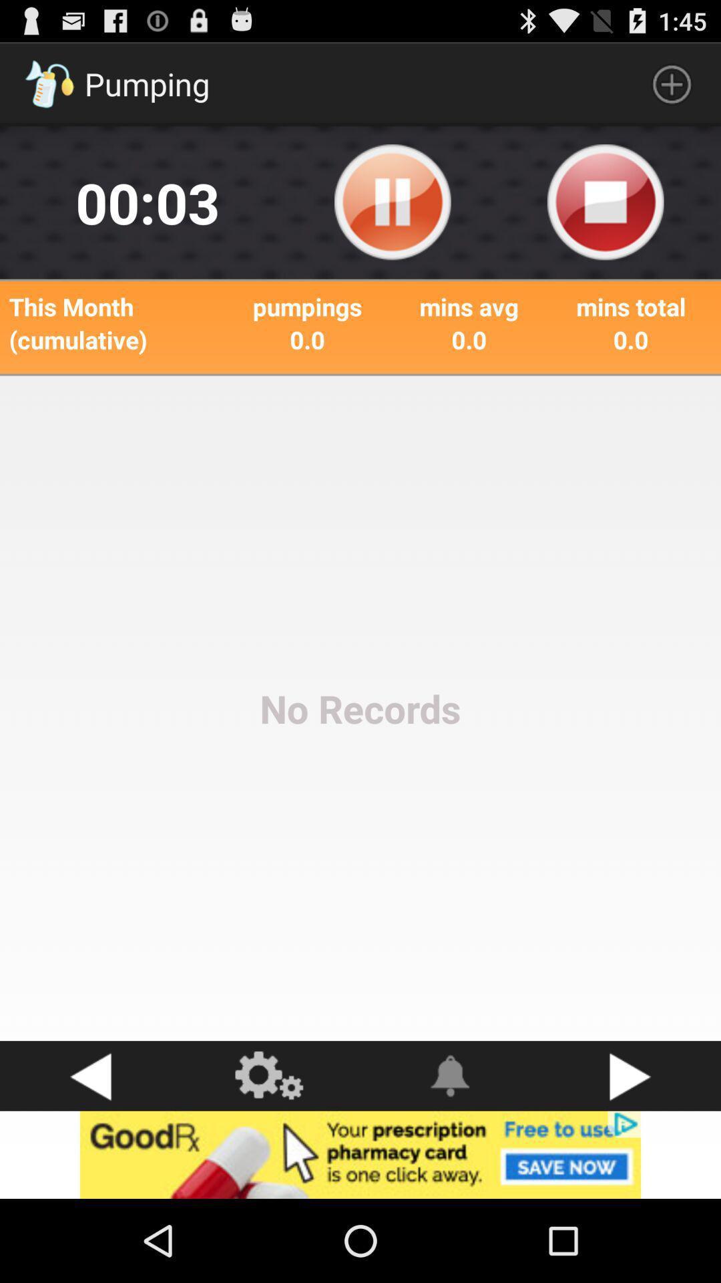 The height and width of the screenshot is (1283, 721). What do you see at coordinates (451, 1076) in the screenshot?
I see `notifications` at bounding box center [451, 1076].